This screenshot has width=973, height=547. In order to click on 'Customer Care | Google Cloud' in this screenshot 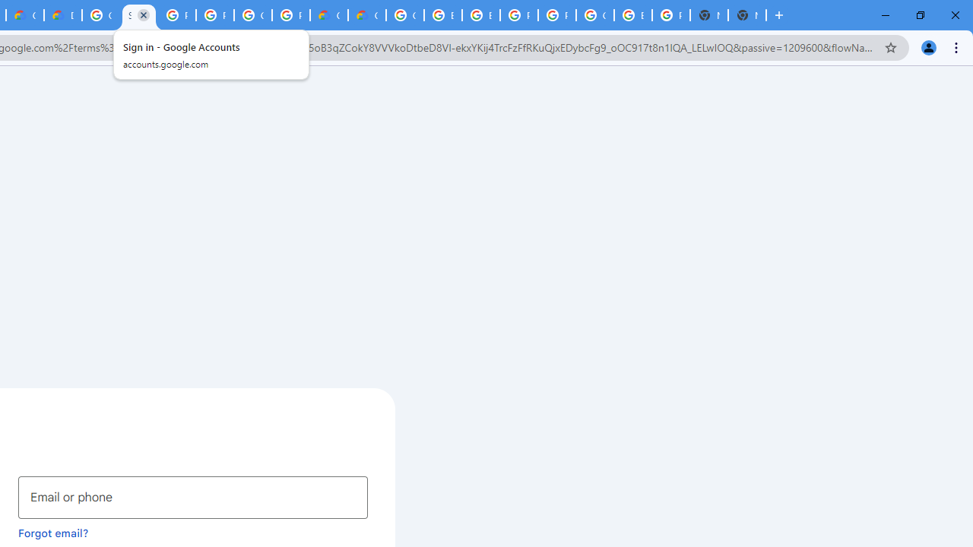, I will do `click(328, 15)`.